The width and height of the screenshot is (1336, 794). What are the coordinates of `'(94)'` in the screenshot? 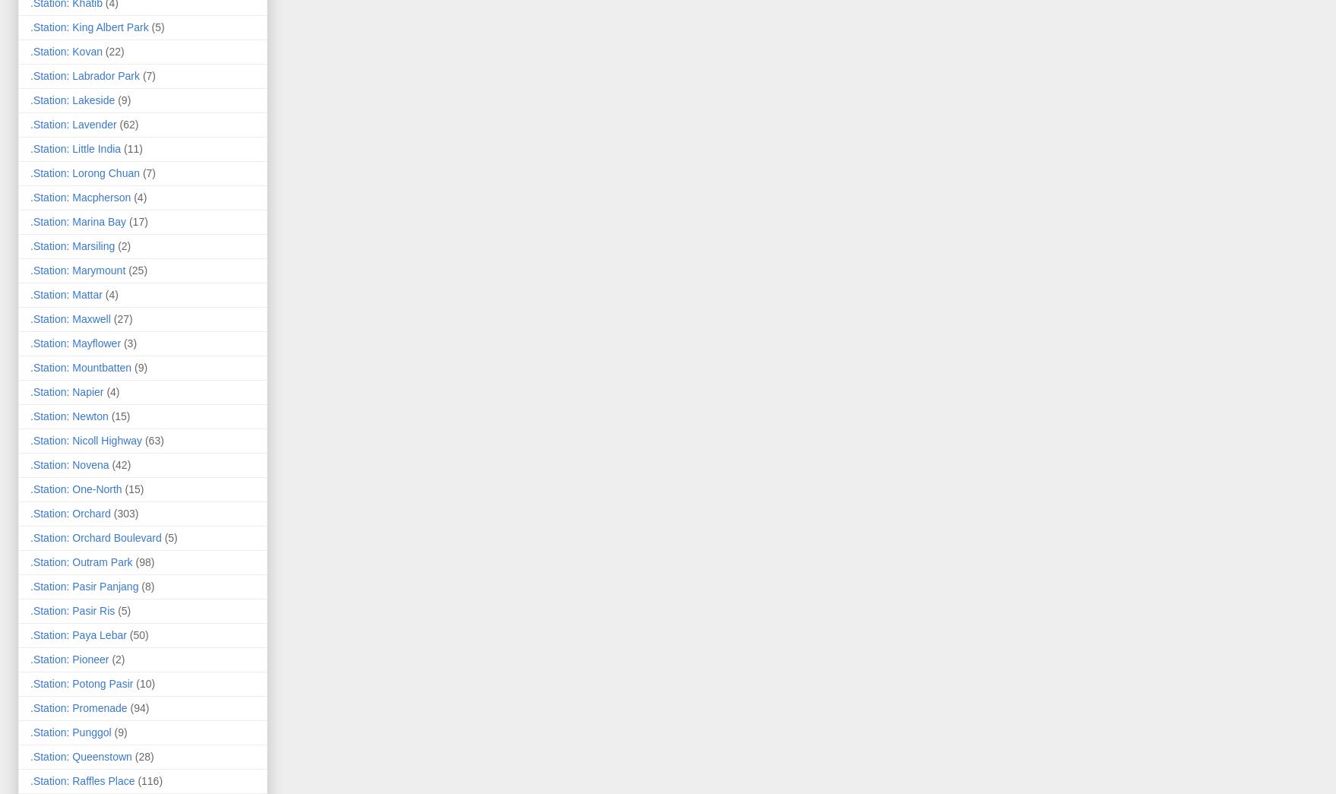 It's located at (129, 706).